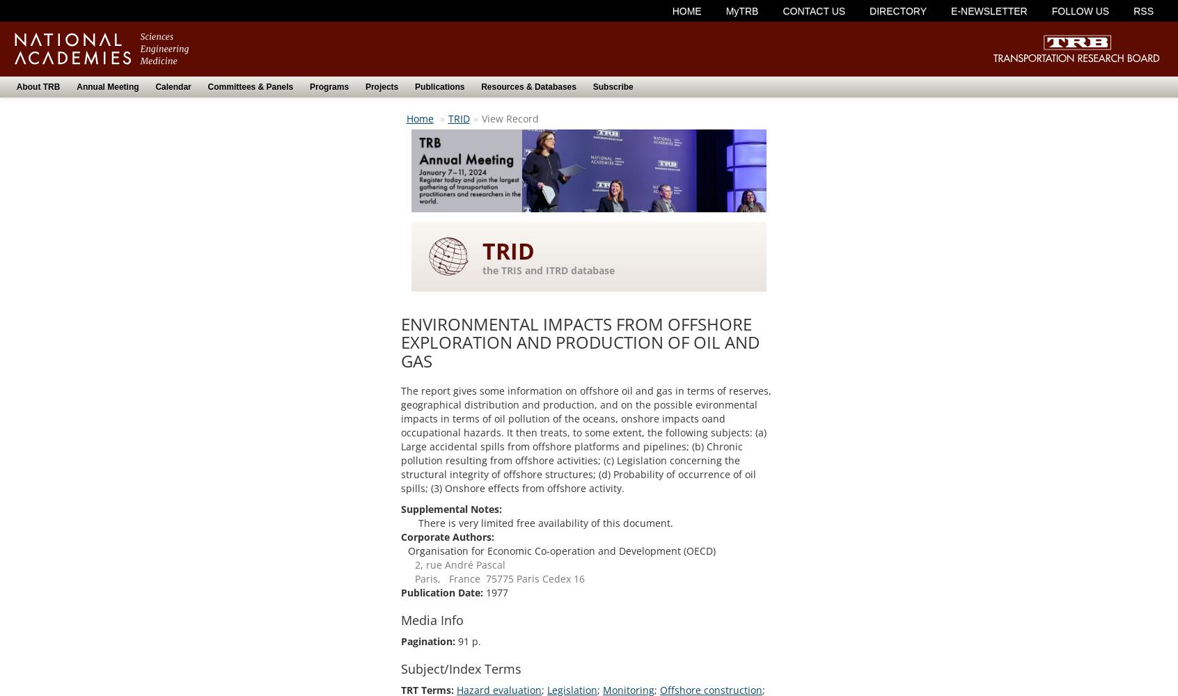 Image resolution: width=1178 pixels, height=696 pixels. Describe the element at coordinates (418, 118) in the screenshot. I see `'Home'` at that location.